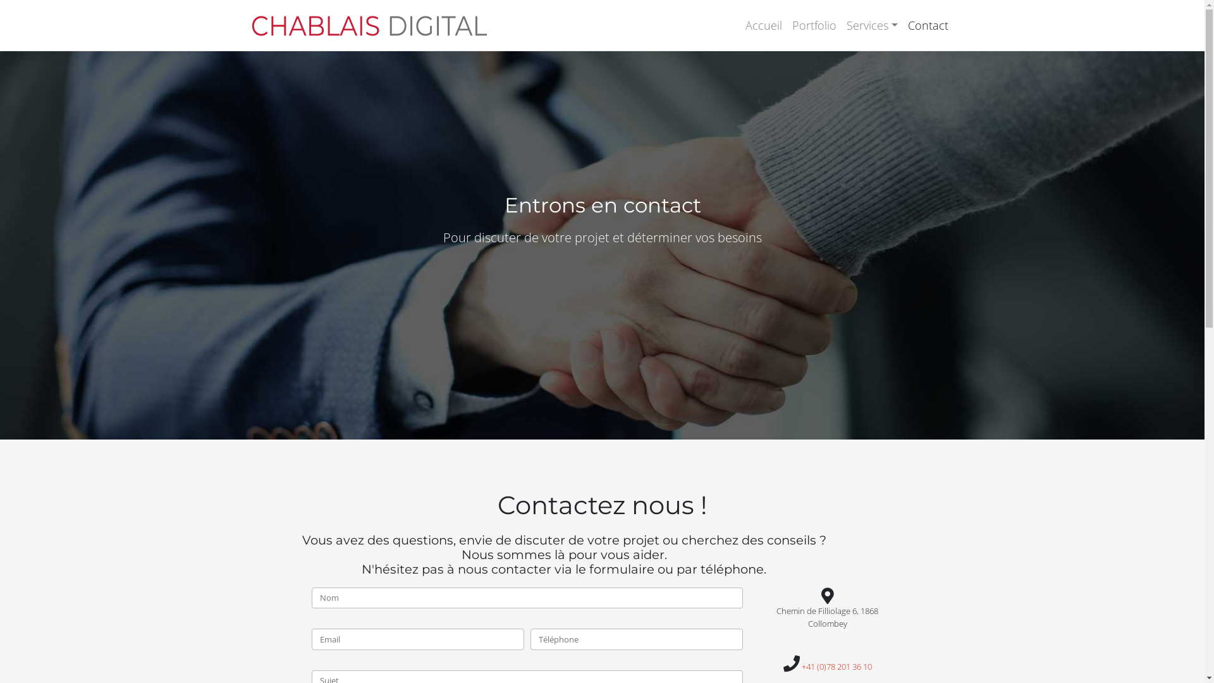 The image size is (1214, 683). I want to click on 'Contact', so click(928, 25).